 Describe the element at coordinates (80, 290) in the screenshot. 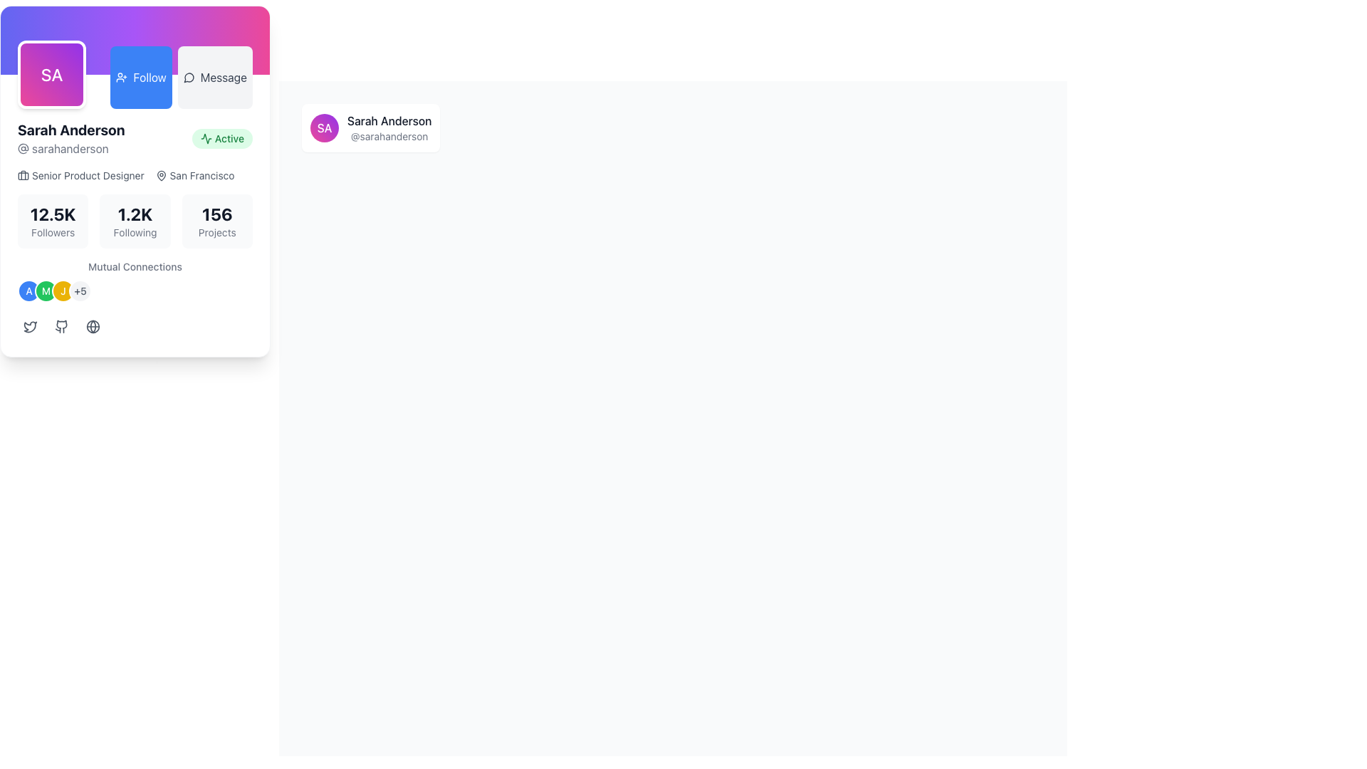

I see `the fourth badge in the 'Mutual Connections' section` at that location.